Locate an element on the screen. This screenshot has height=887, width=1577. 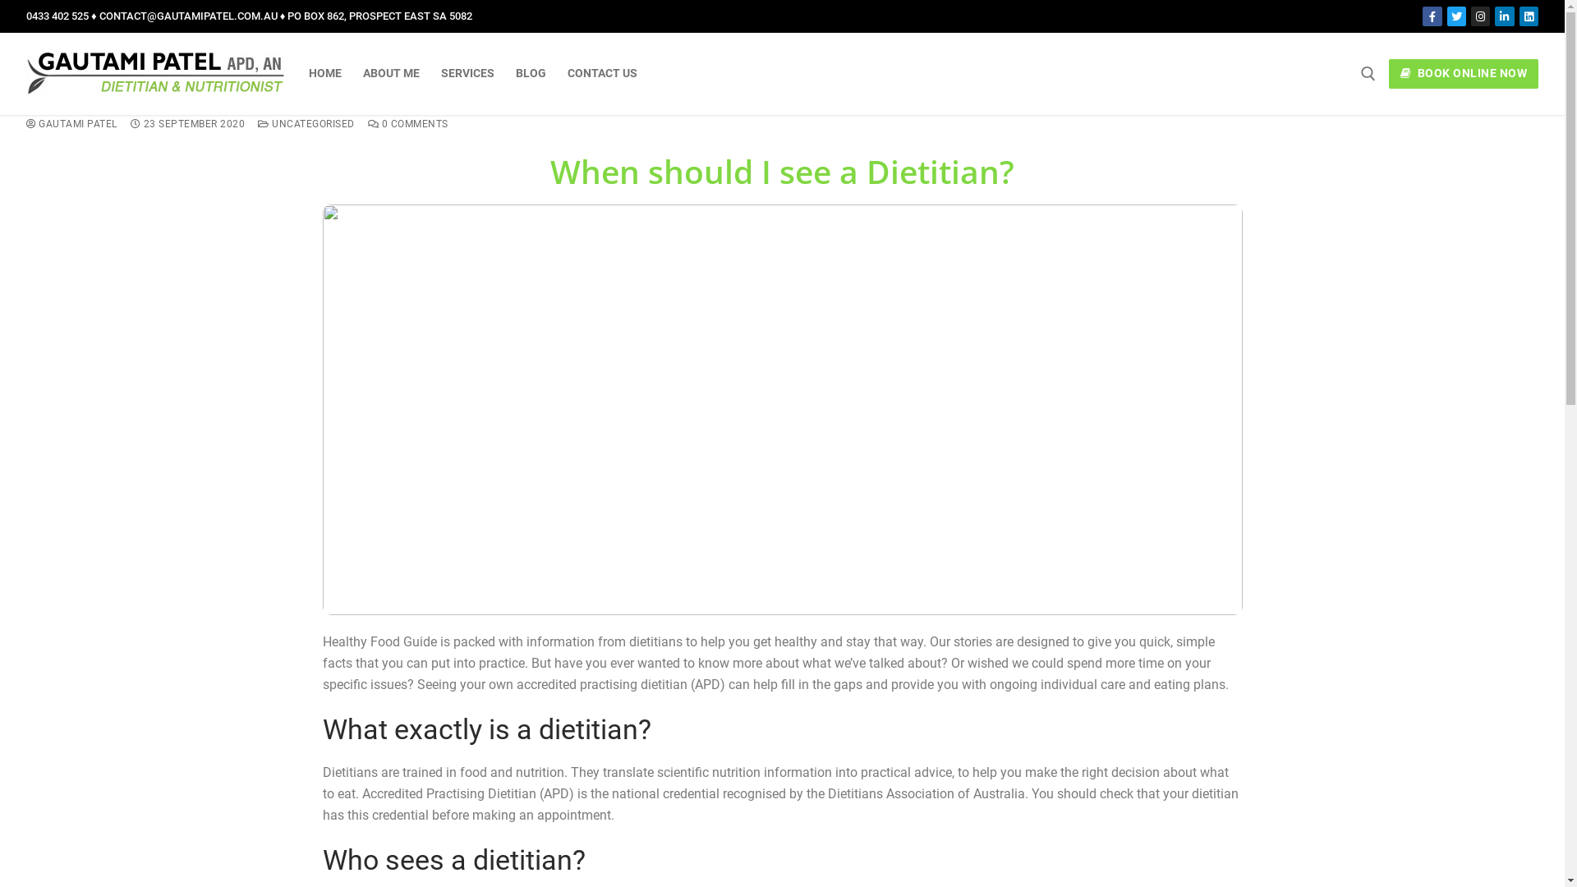
'ABOUT ME' is located at coordinates (390, 72).